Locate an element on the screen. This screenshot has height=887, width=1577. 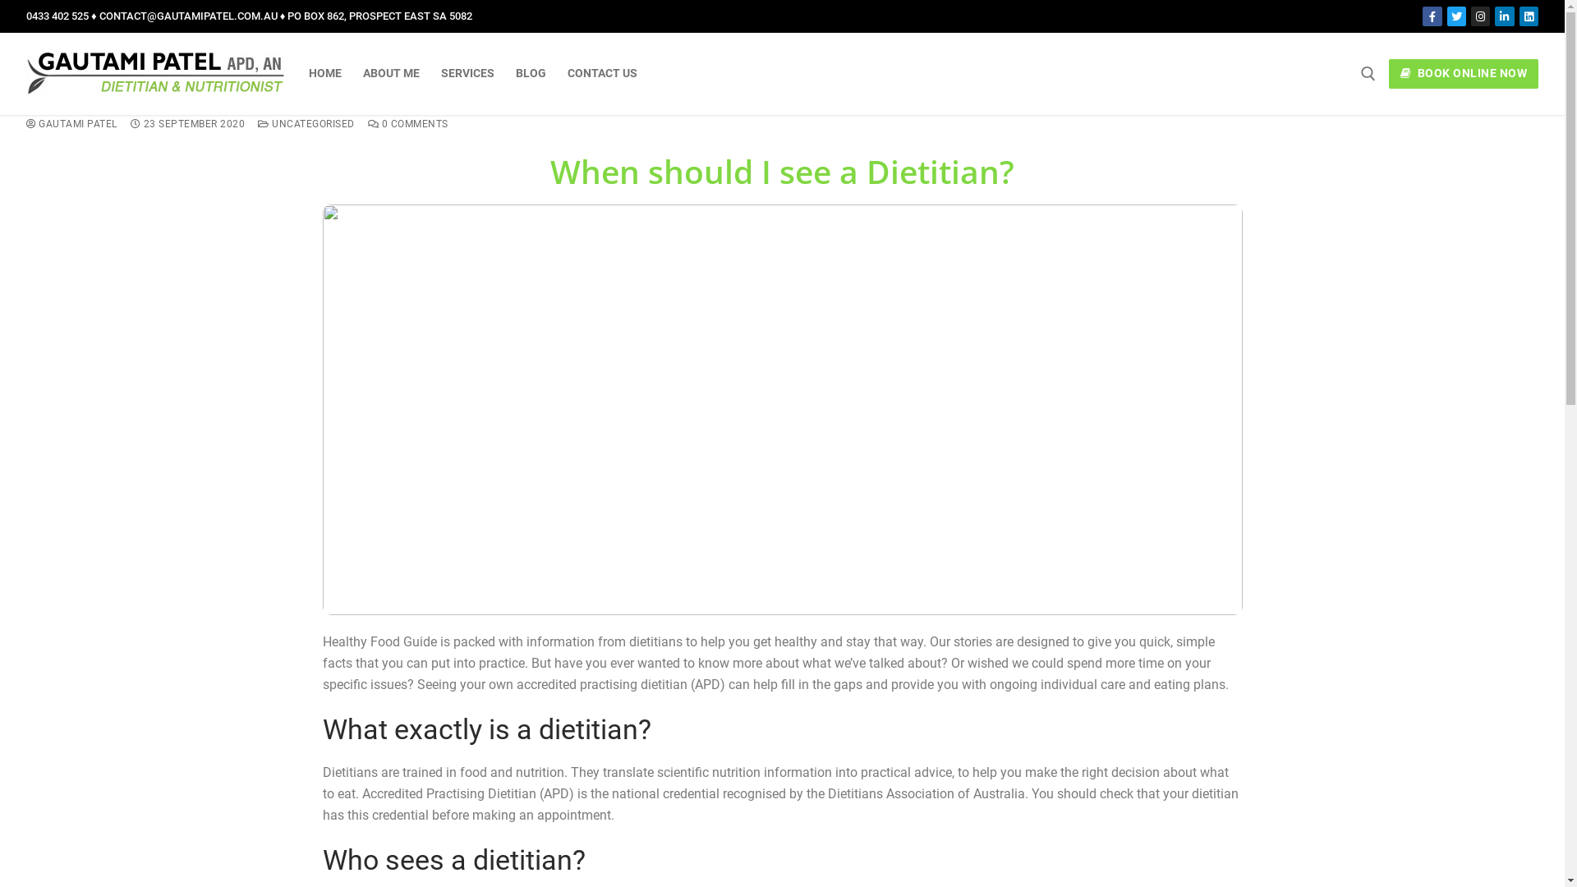
'ABOUT ME' is located at coordinates (390, 72).